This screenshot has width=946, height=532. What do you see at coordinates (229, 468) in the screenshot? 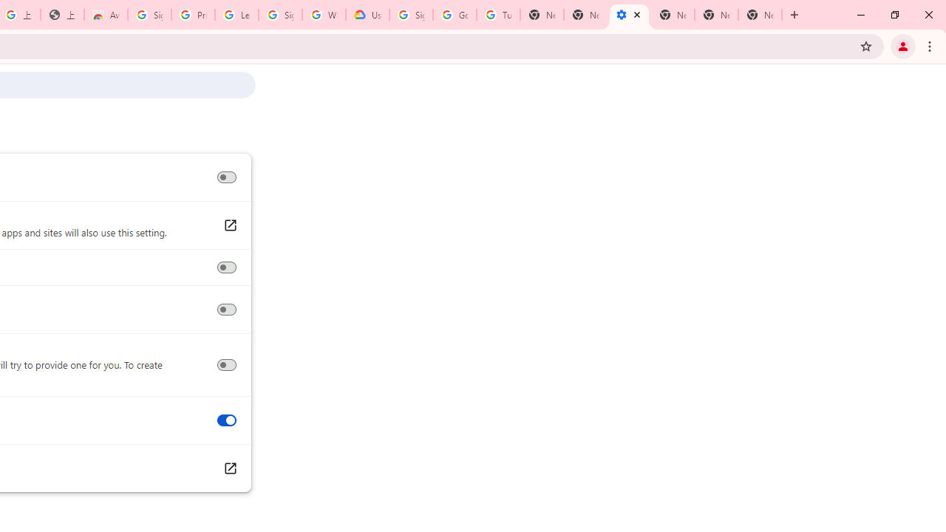
I see `'Add accessibility features Open Chrome Web Store'` at bounding box center [229, 468].